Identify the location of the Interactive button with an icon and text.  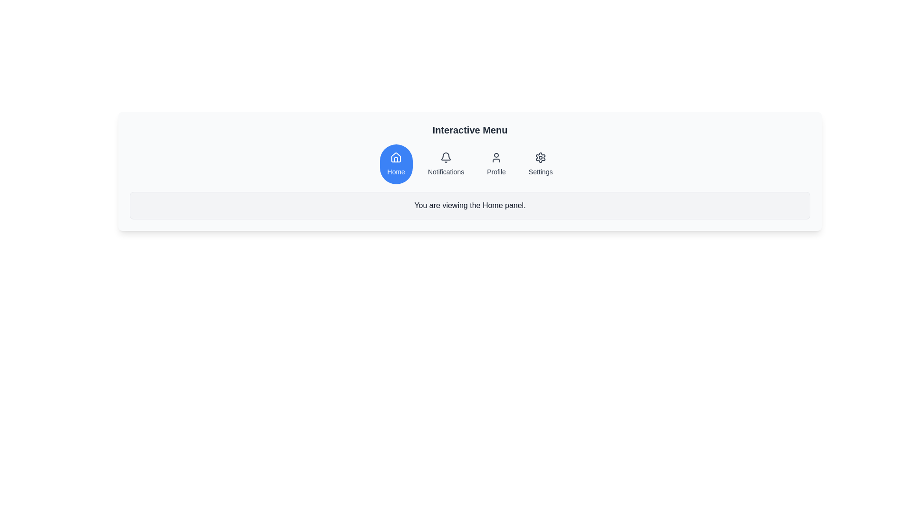
(445, 164).